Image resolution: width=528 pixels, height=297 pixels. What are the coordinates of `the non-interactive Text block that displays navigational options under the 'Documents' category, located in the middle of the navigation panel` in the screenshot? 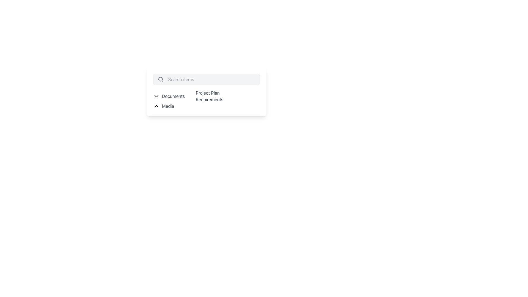 It's located at (205, 96).